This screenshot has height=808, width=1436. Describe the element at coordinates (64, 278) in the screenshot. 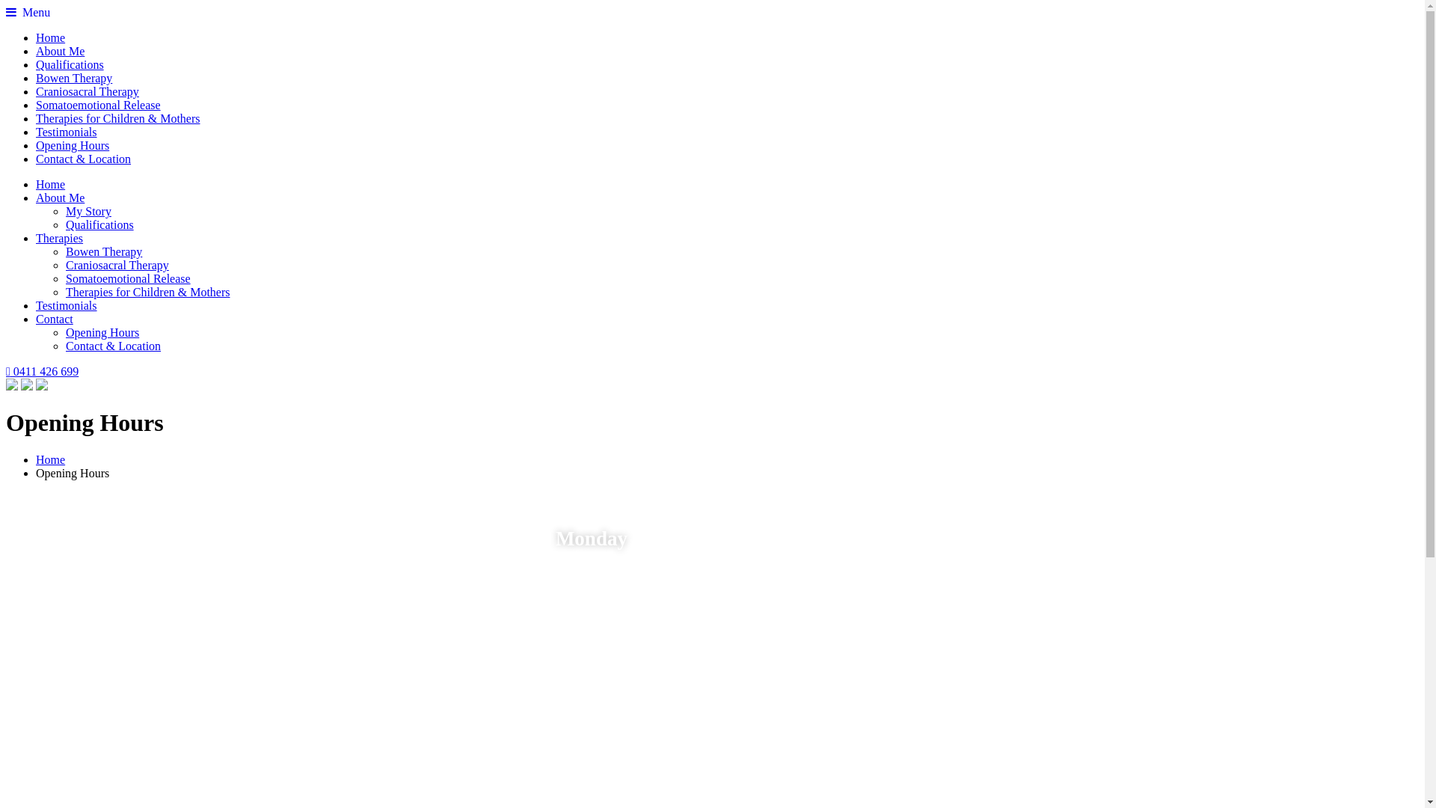

I see `'Somatoemotional Release'` at that location.